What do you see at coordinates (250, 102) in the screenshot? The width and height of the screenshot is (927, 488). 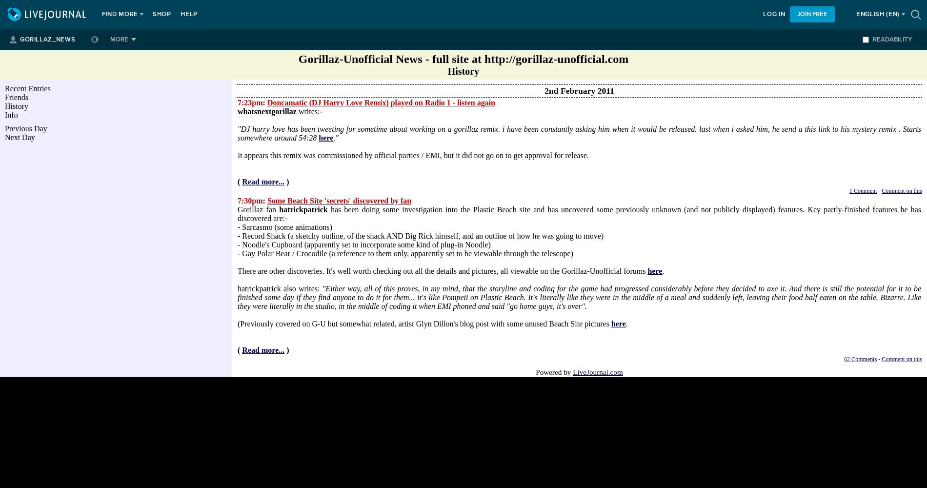 I see `'7:23pm'` at bounding box center [250, 102].